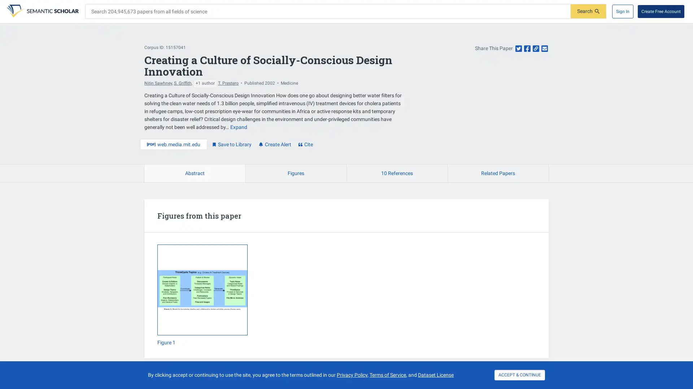 This screenshot has width=693, height=389. I want to click on Copy direct link to page, so click(536, 49).